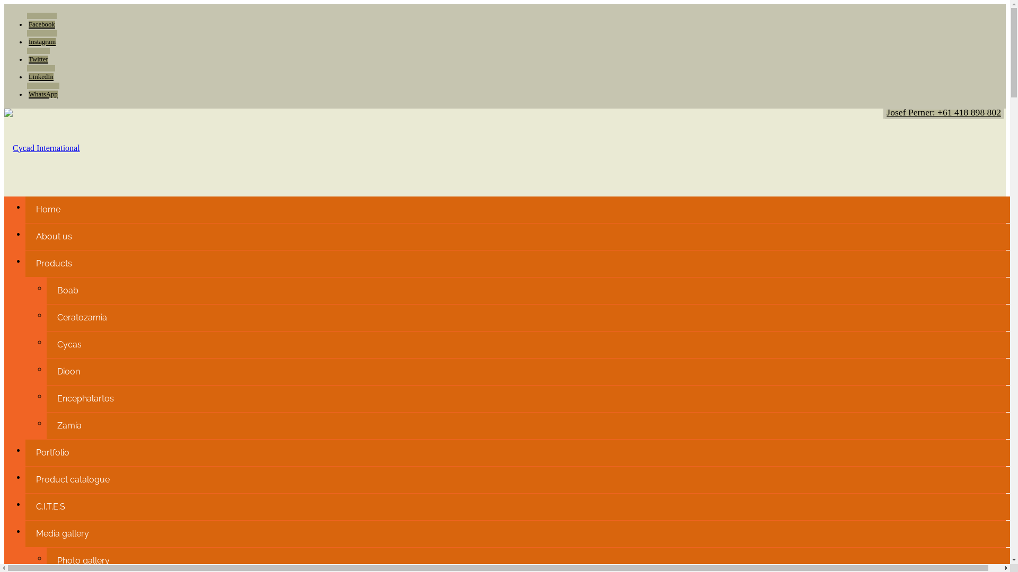  Describe the element at coordinates (41, 21) in the screenshot. I see `'Facebook'` at that location.